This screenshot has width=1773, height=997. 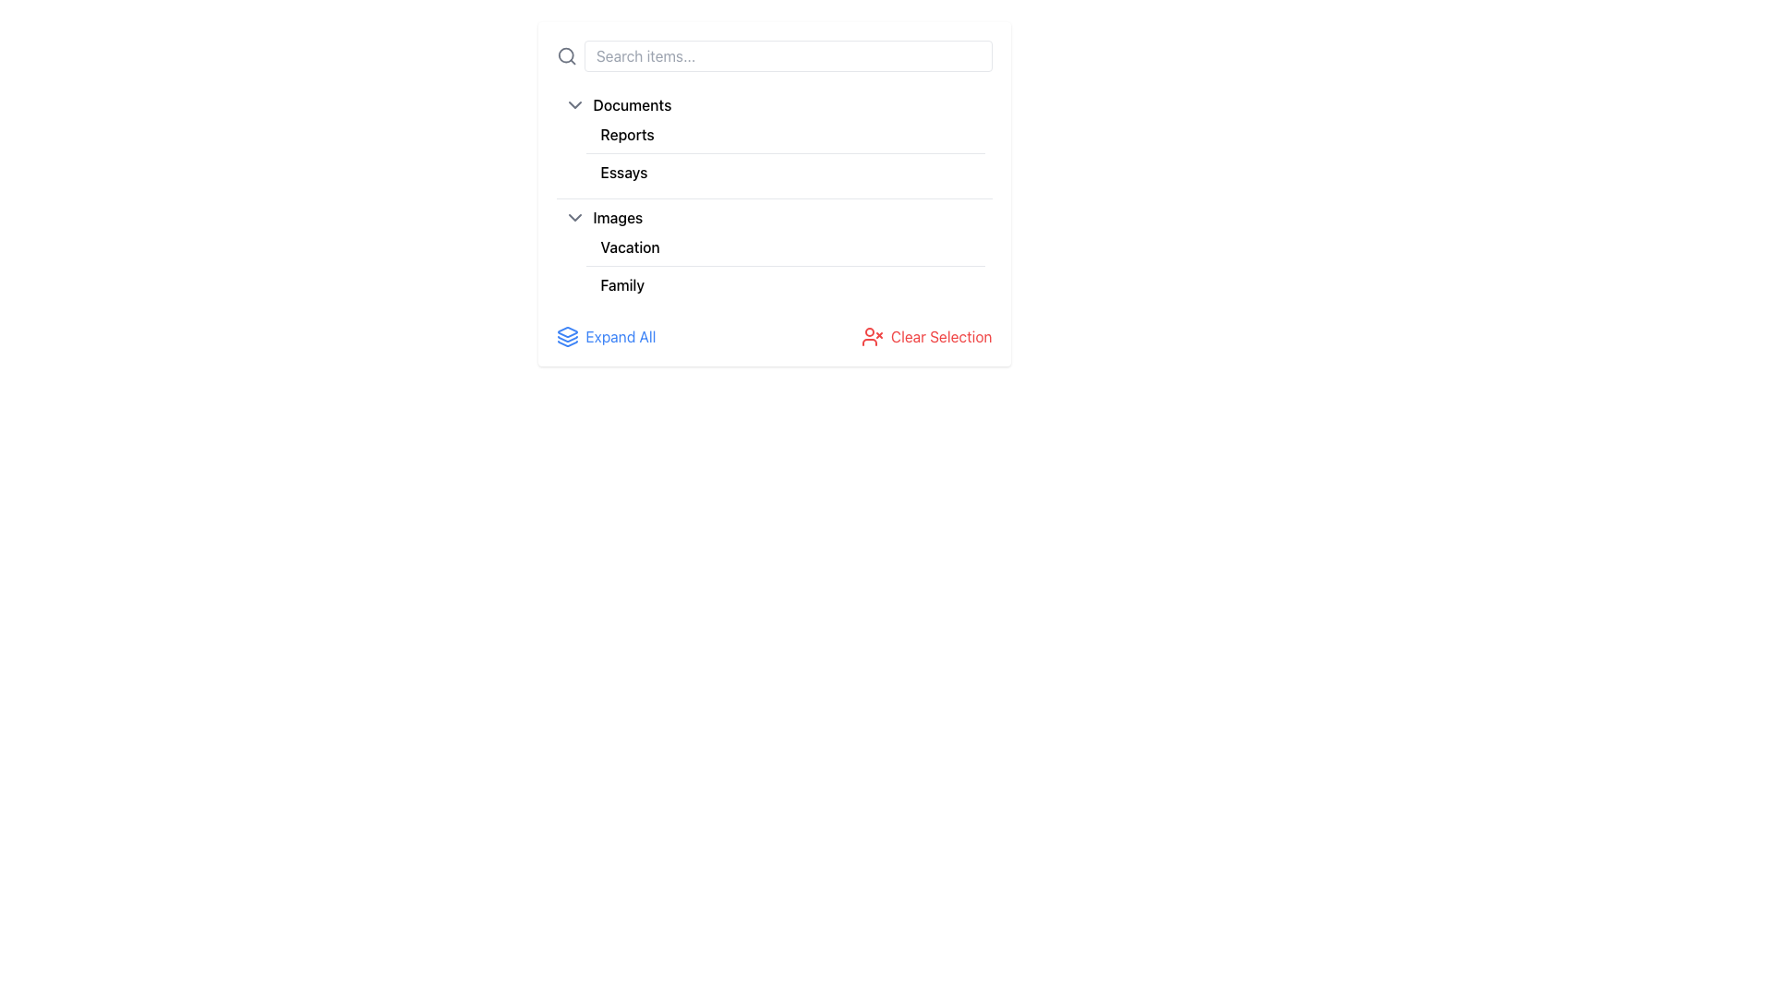 What do you see at coordinates (622, 284) in the screenshot?
I see `the Text Label that indicates a sub-item under the 'Images' header, positioned below the 'Vacation' list item` at bounding box center [622, 284].